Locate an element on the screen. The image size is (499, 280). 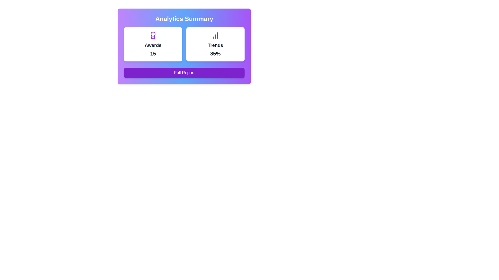
displayed data on the 'Trends' analytics information display card, which is the second card in a two-column layout positioned on the right side next to the 'Awards' card is located at coordinates (215, 44).